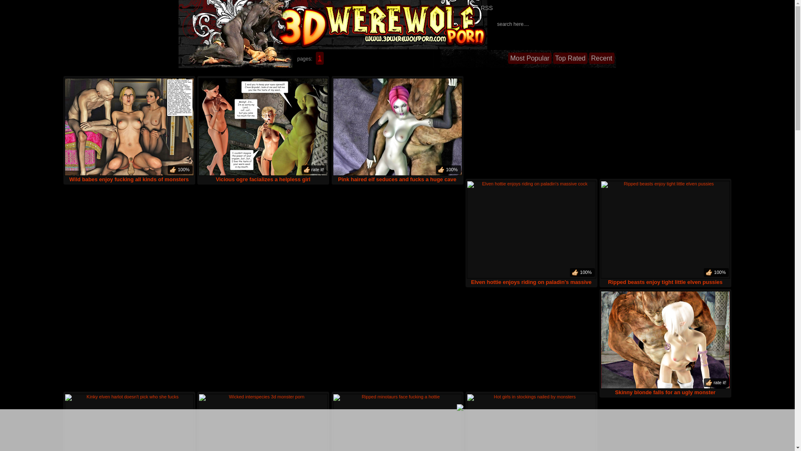 The image size is (801, 451). What do you see at coordinates (531, 233) in the screenshot?
I see `'Elven hottie enjoys riding on paladin's massive cock'` at bounding box center [531, 233].